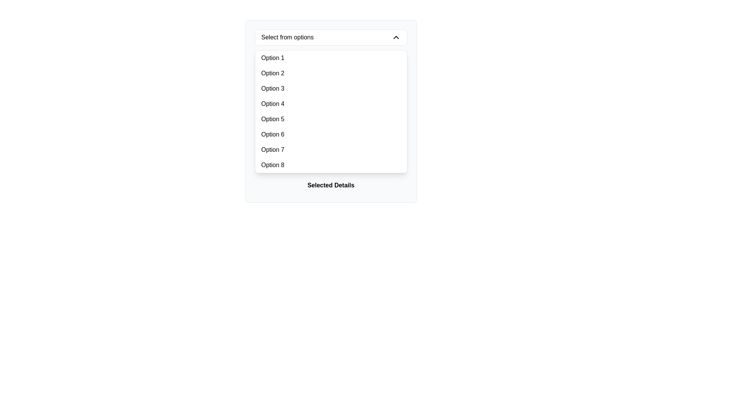 Image resolution: width=735 pixels, height=413 pixels. Describe the element at coordinates (272, 57) in the screenshot. I see `the first entry in the dropdown menu` at that location.